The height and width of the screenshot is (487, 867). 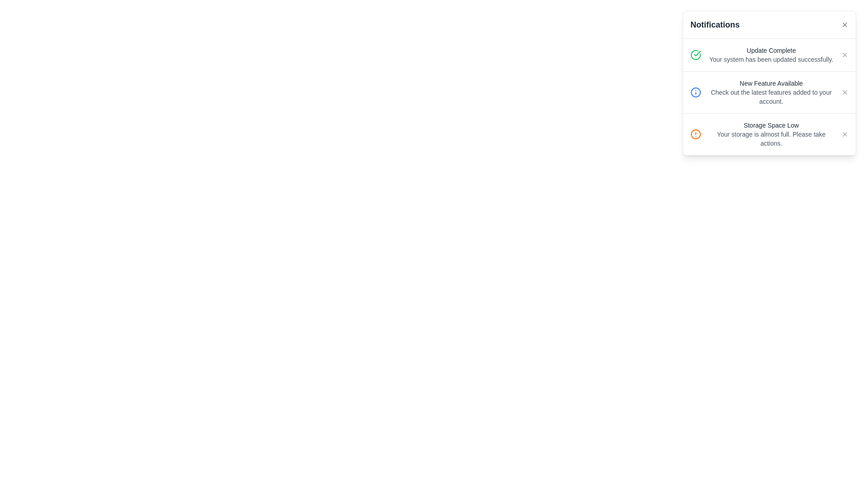 What do you see at coordinates (771, 139) in the screenshot?
I see `the Text label that provides detailed information about the storage status, located in the notifications panel below the 'Storage Space Low' header and the orange warning icon` at bounding box center [771, 139].